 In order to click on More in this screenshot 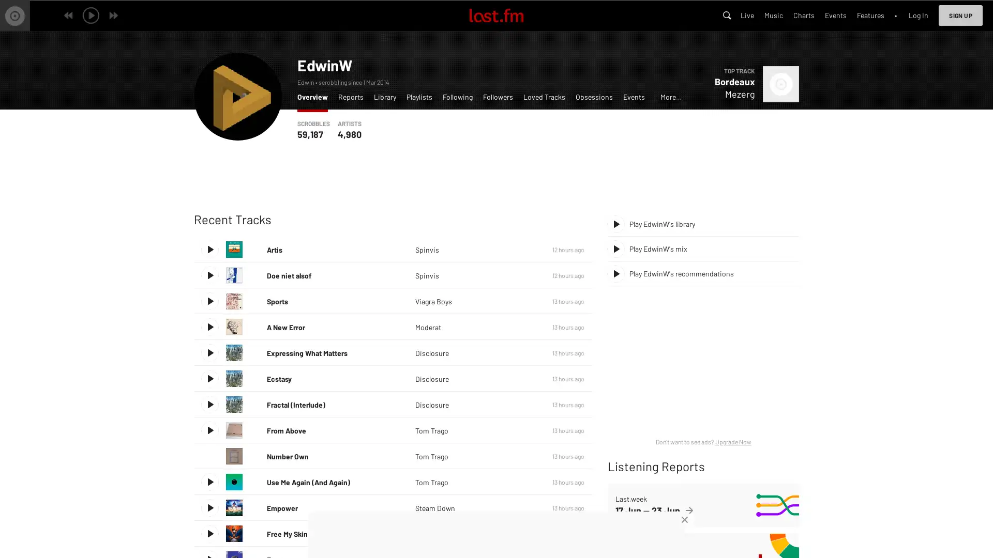, I will do `click(521, 274)`.